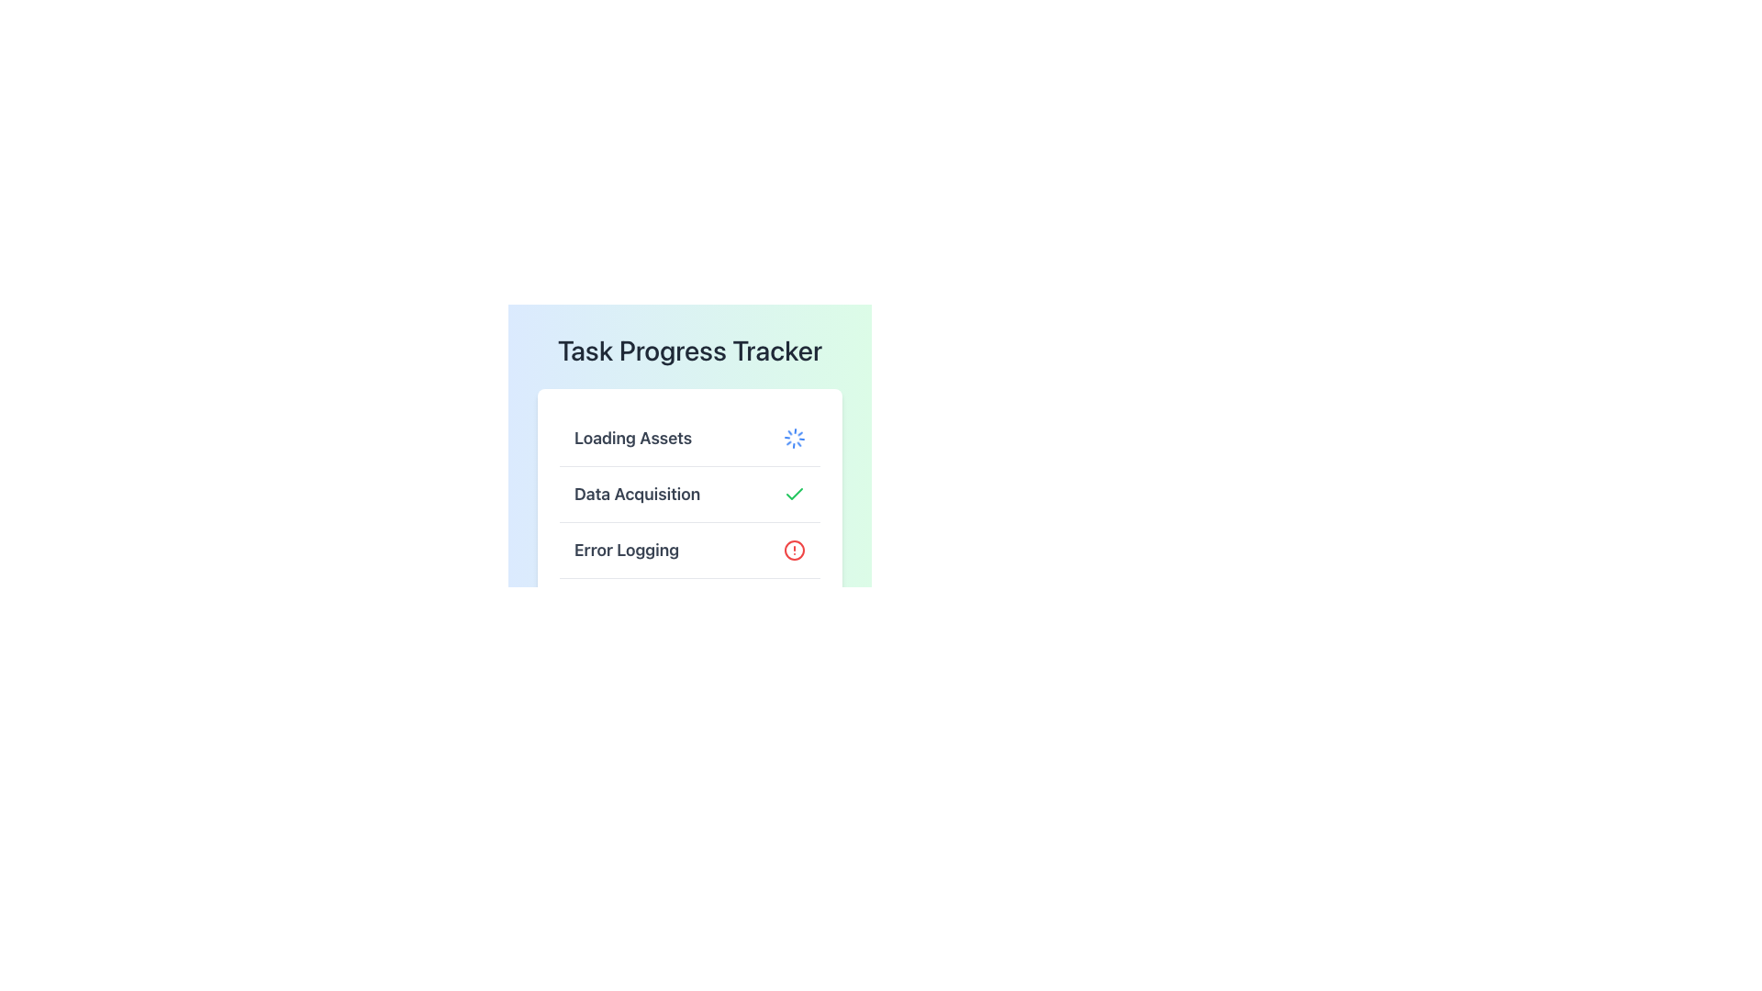 Image resolution: width=1762 pixels, height=991 pixels. Describe the element at coordinates (689, 494) in the screenshot. I see `text information from the status overview panel located below the 'Task Progress Tracker' header, which provides updates on 'Loading Assets', 'Data Acquisition', and 'Error Logging'` at that location.